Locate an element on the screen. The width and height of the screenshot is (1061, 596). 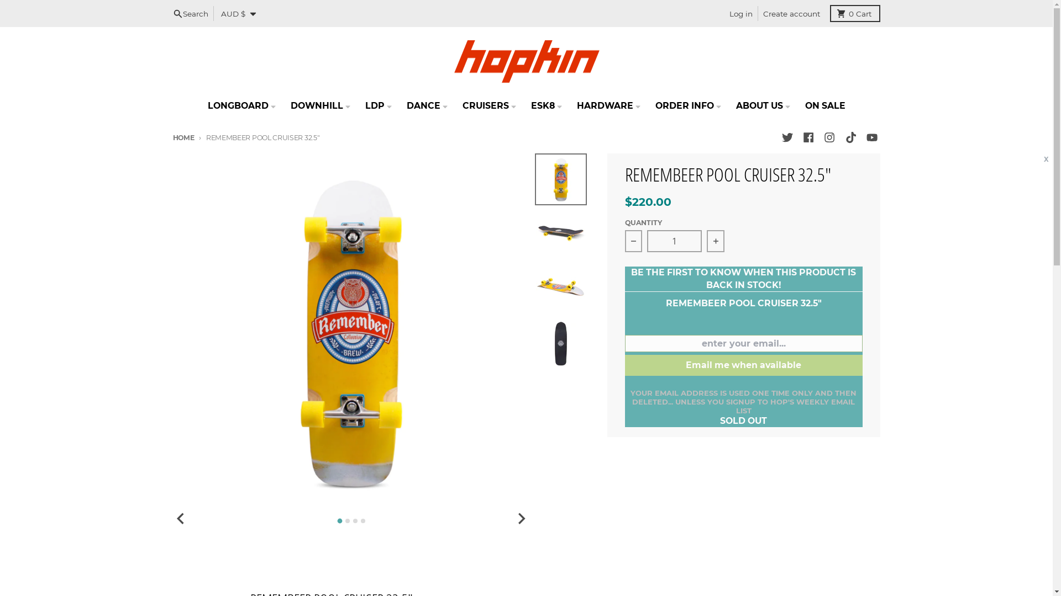
'Search' is located at coordinates (167, 13).